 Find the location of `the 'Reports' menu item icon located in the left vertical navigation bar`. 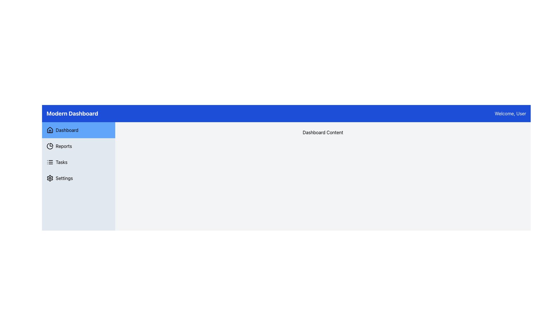

the 'Reports' menu item icon located in the left vertical navigation bar is located at coordinates (50, 146).